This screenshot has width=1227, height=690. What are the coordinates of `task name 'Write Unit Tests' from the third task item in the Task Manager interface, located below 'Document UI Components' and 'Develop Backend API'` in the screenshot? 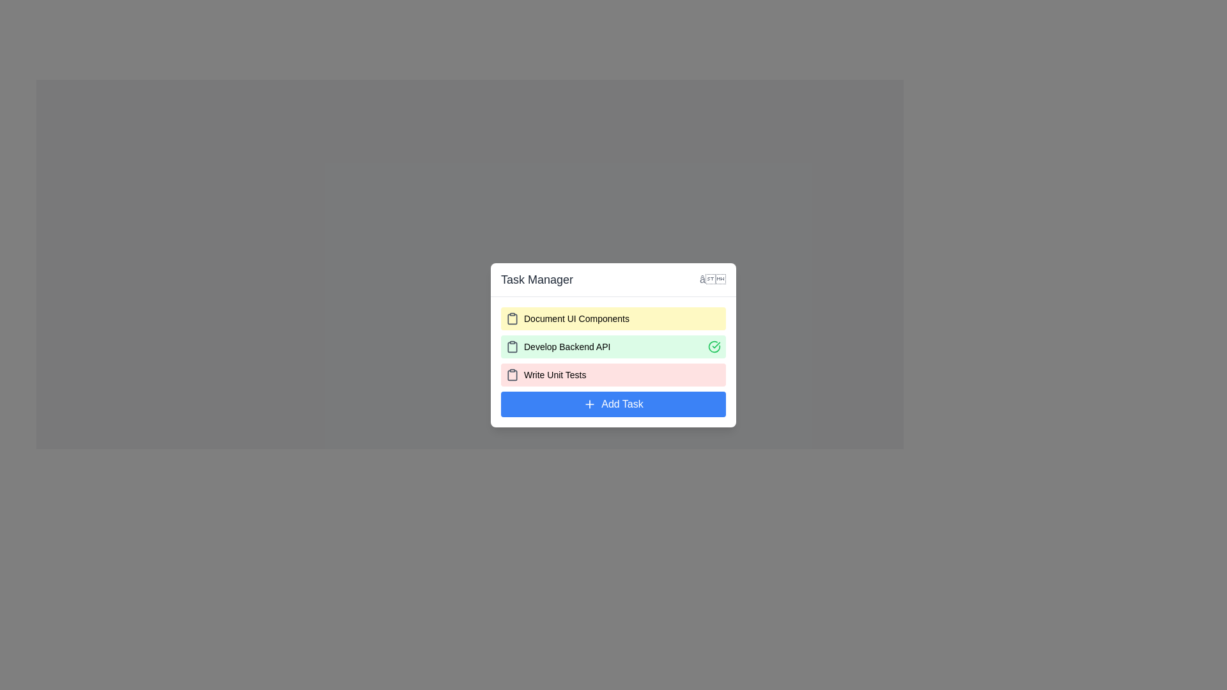 It's located at (613, 374).